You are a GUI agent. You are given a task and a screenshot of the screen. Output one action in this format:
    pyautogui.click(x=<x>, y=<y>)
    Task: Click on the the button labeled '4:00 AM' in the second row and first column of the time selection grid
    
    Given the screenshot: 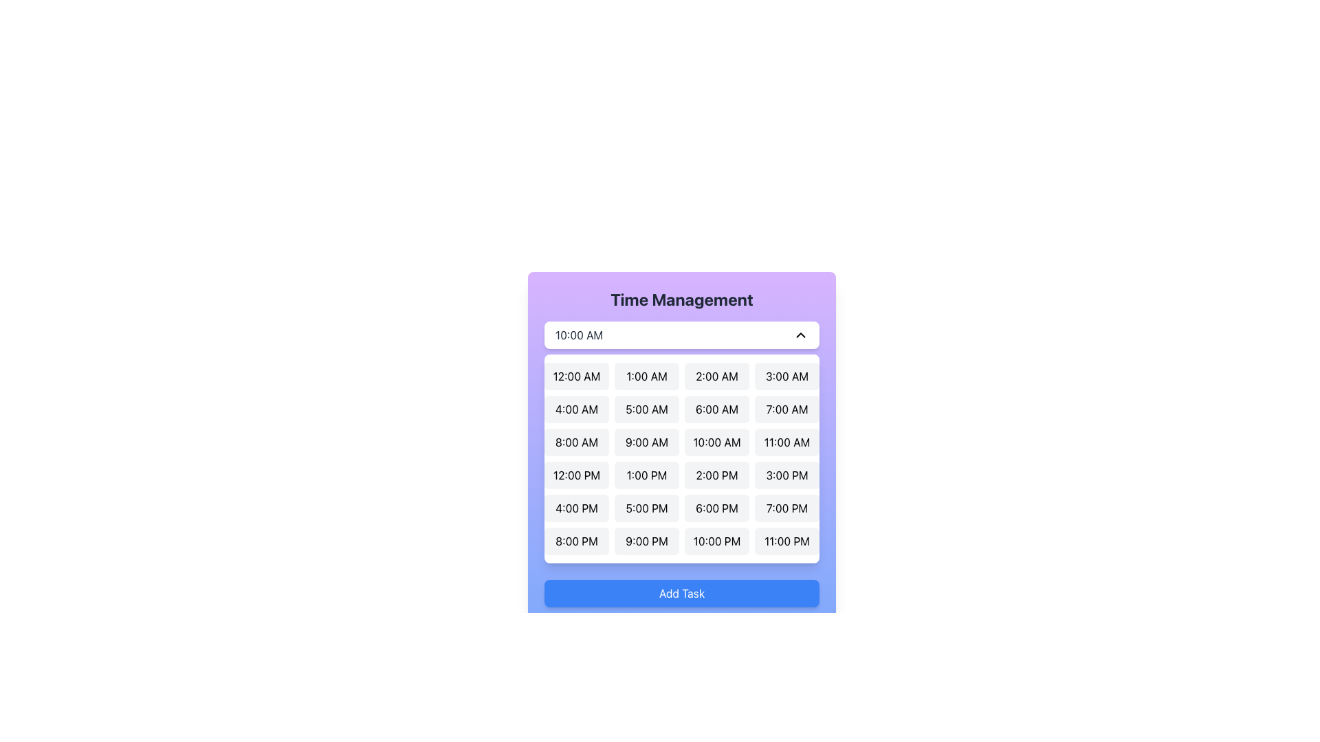 What is the action you would take?
    pyautogui.click(x=577, y=409)
    